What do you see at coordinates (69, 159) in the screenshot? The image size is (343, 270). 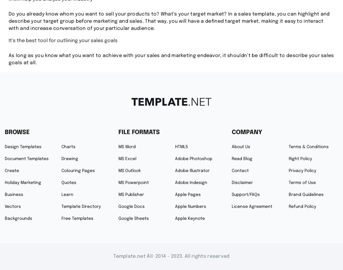 I see `'Drawing'` at bounding box center [69, 159].